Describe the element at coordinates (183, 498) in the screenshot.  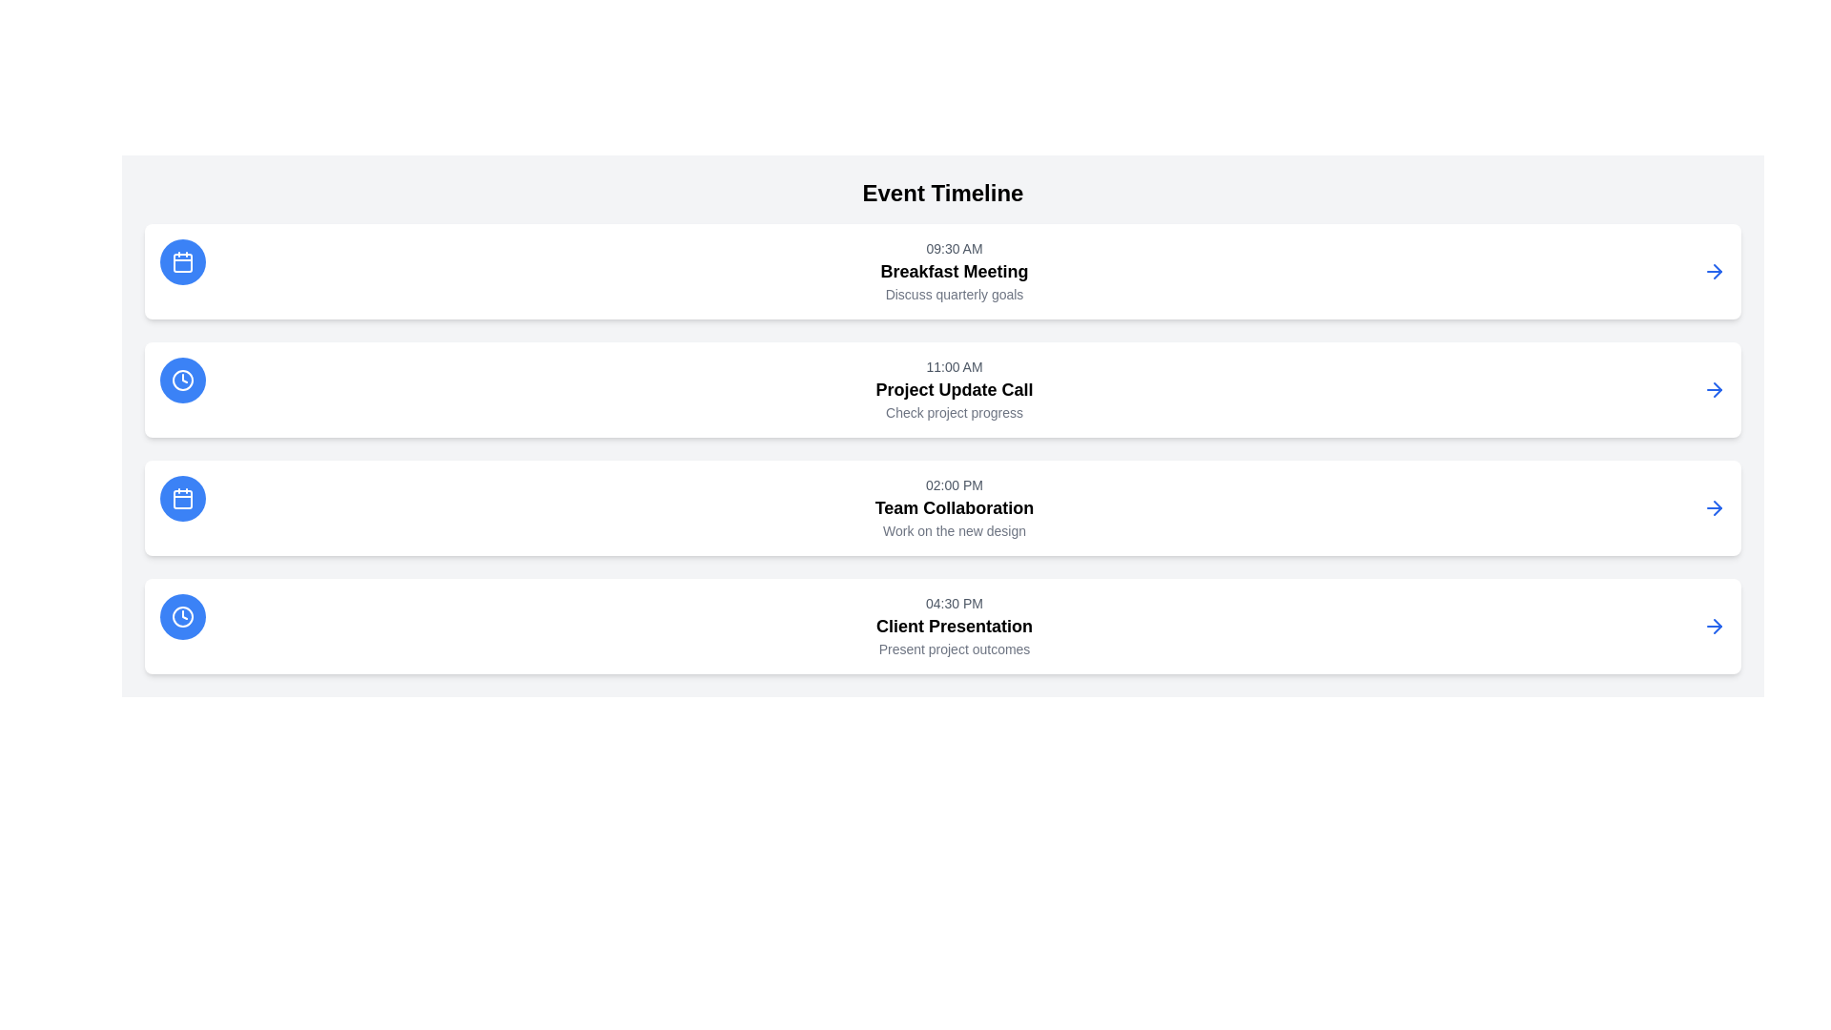
I see `the circular blue icon with a white calendar graphic, located in the third event card from the top, positioned to the left of the text '02:00 PM', 'Team Collaboration', and 'Work on the new design'` at that location.